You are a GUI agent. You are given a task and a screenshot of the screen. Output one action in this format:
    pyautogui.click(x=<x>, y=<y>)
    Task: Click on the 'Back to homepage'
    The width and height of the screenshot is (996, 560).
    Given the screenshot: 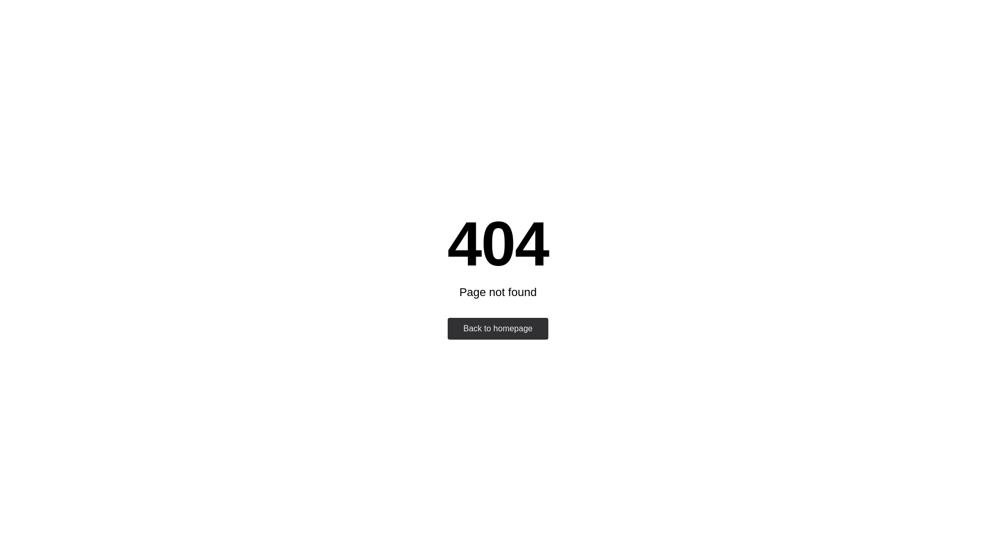 What is the action you would take?
    pyautogui.click(x=497, y=328)
    